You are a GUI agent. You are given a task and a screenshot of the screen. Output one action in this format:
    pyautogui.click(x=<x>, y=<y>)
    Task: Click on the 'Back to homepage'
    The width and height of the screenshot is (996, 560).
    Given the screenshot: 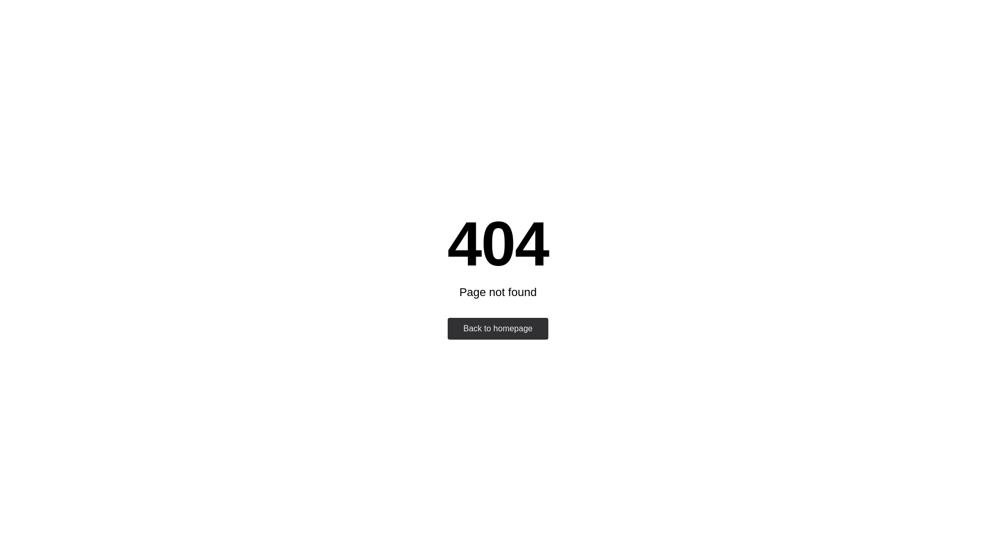 What is the action you would take?
    pyautogui.click(x=497, y=328)
    